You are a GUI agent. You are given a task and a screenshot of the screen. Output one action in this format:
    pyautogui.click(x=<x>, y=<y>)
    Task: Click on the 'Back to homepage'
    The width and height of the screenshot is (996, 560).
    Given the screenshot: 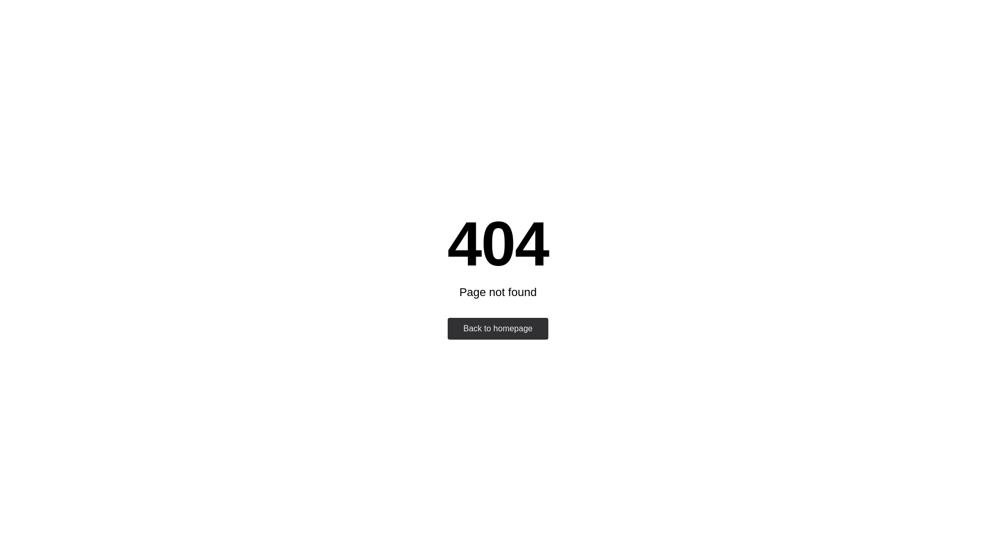 What is the action you would take?
    pyautogui.click(x=497, y=328)
    